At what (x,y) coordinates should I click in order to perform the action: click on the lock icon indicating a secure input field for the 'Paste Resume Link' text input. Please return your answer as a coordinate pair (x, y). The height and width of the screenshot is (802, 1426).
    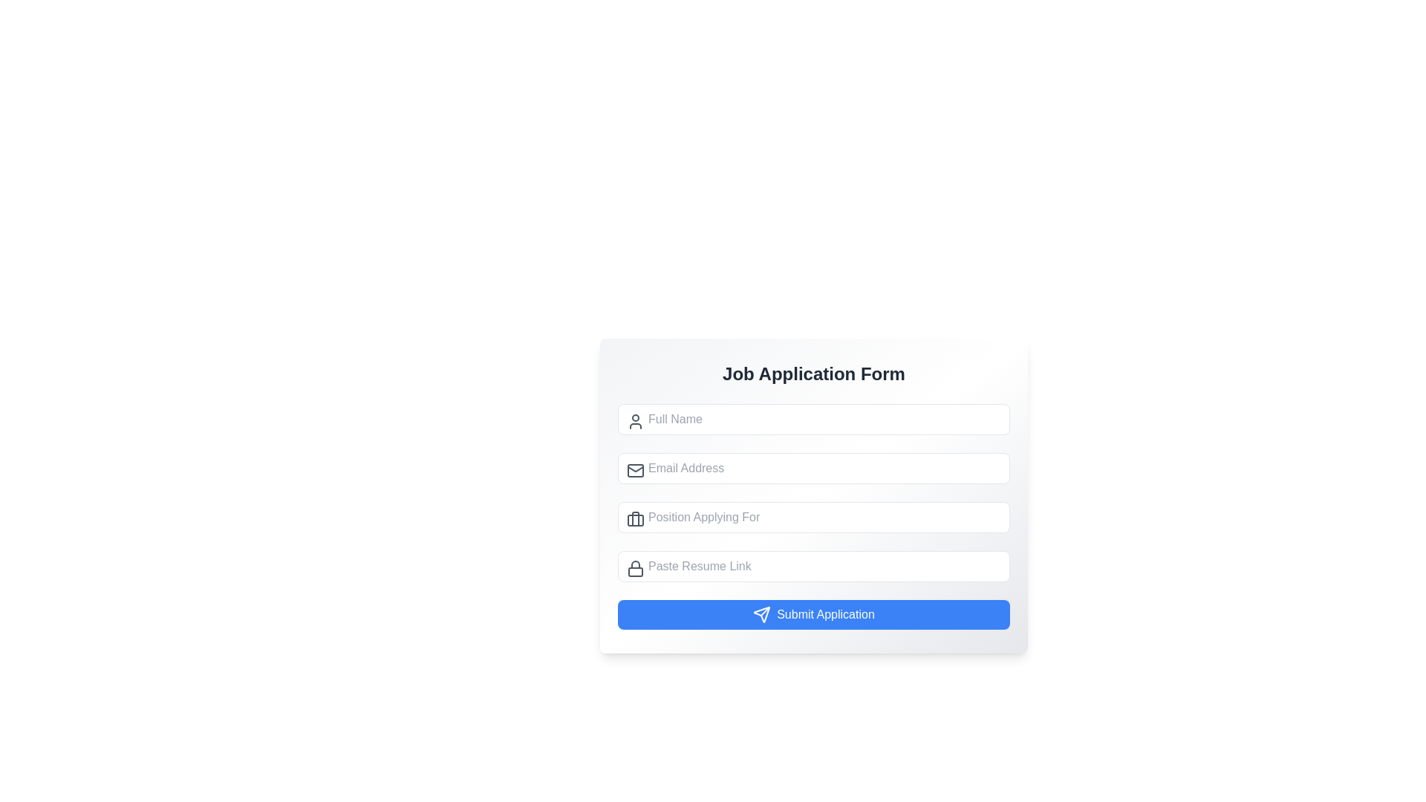
    Looking at the image, I should click on (635, 568).